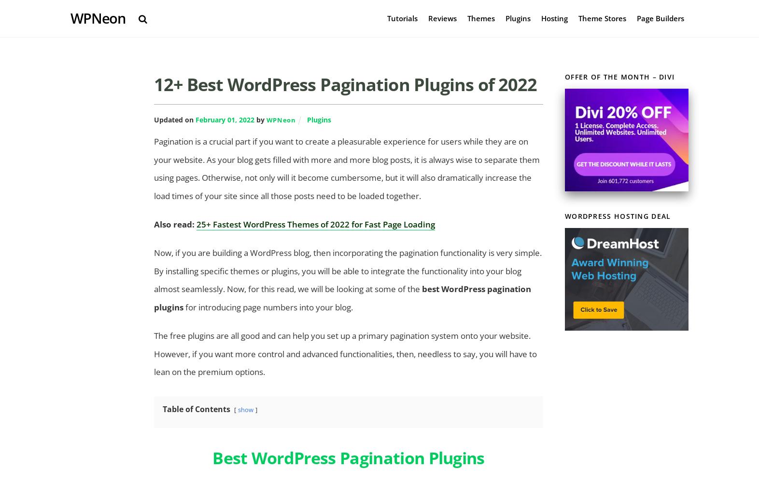 Image resolution: width=759 pixels, height=482 pixels. What do you see at coordinates (174, 119) in the screenshot?
I see `'Updated on'` at bounding box center [174, 119].